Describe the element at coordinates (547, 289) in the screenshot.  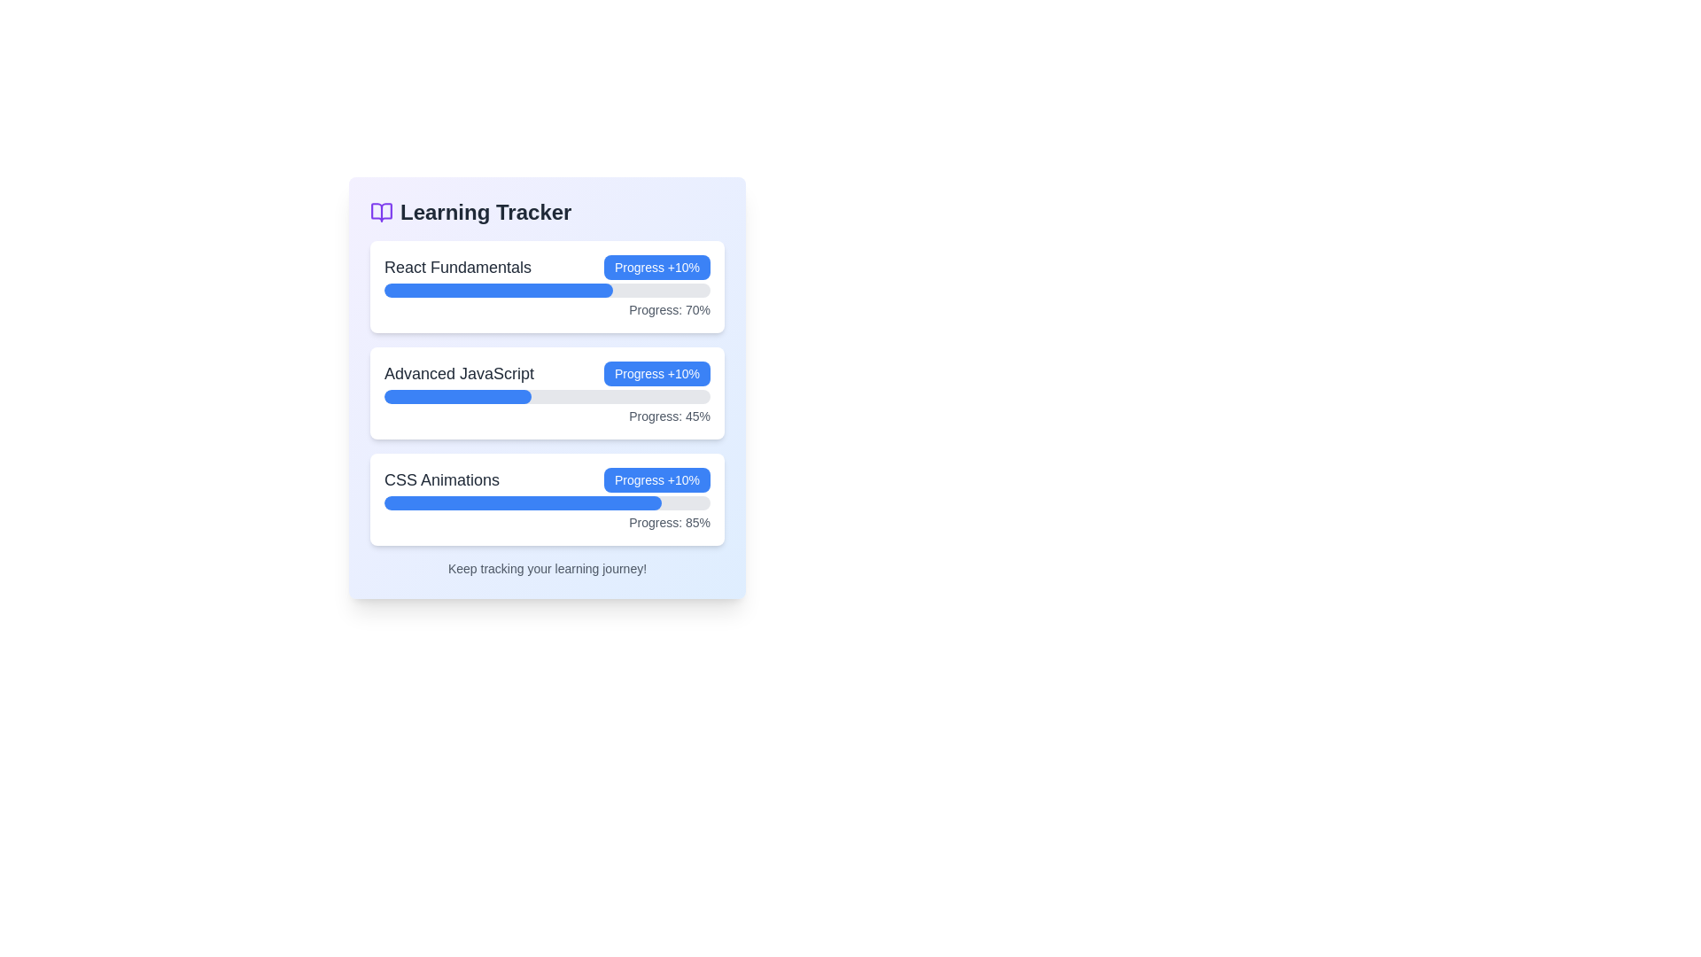
I see `the progress bar within the 'React Fundamentals' card, which is styled as a rounded rectangular shape with a blue fill indicating 70% completion` at that location.